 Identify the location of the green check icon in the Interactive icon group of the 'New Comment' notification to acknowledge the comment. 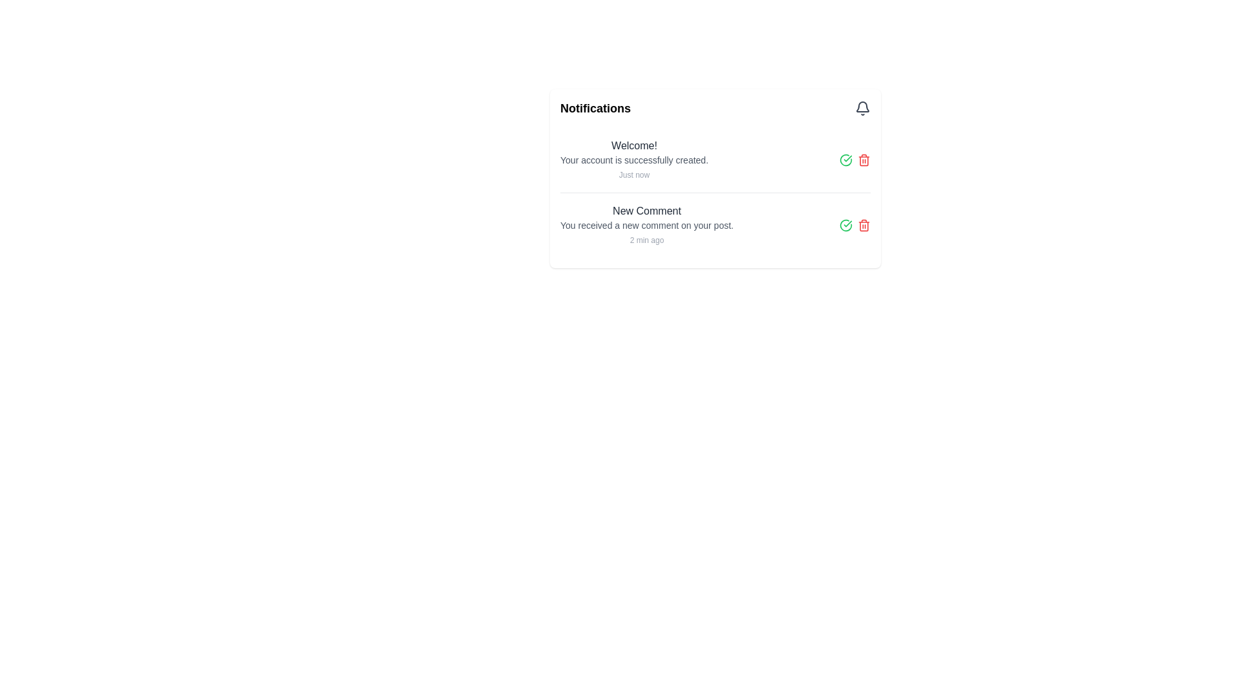
(855, 224).